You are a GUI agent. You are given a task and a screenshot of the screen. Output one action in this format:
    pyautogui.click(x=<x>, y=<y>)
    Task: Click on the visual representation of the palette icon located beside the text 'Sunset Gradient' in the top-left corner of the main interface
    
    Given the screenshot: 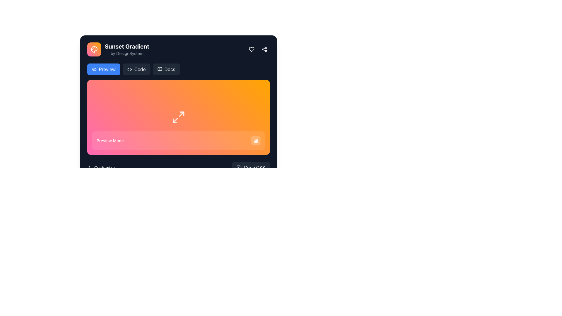 What is the action you would take?
    pyautogui.click(x=94, y=49)
    